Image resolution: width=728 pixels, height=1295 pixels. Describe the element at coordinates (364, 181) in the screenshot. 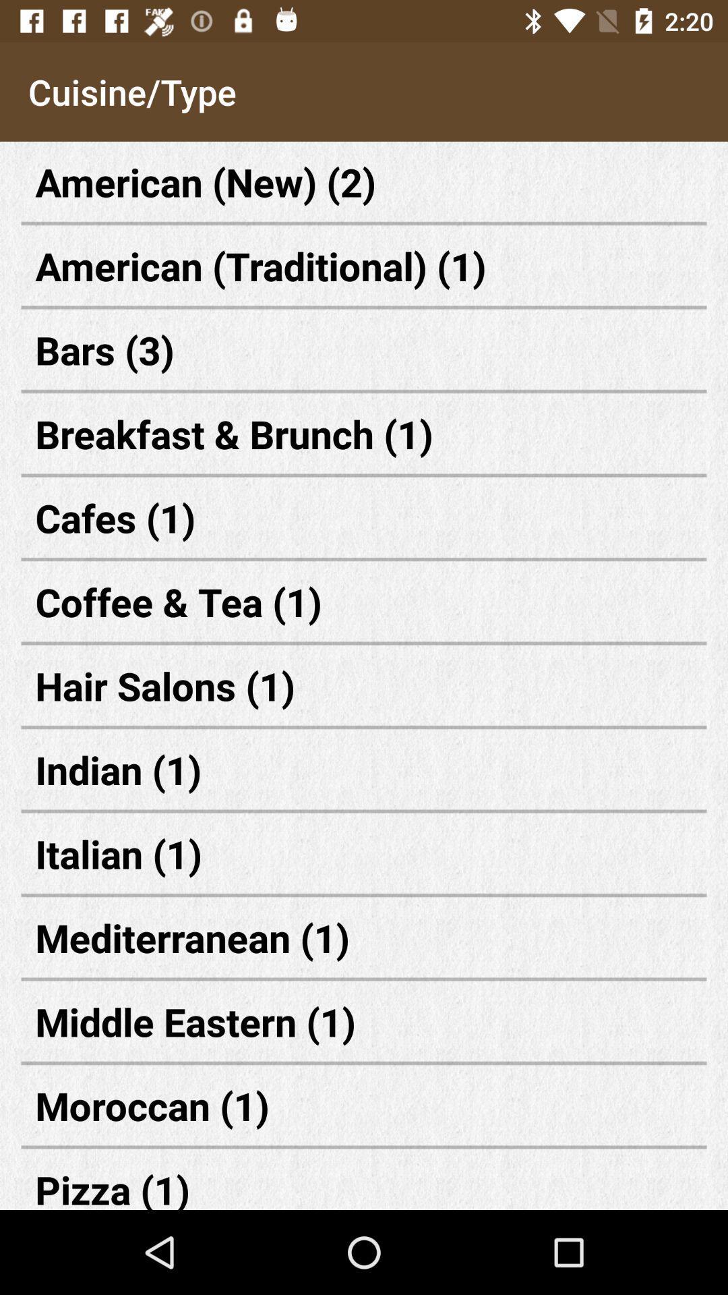

I see `the first text which says american new 2` at that location.